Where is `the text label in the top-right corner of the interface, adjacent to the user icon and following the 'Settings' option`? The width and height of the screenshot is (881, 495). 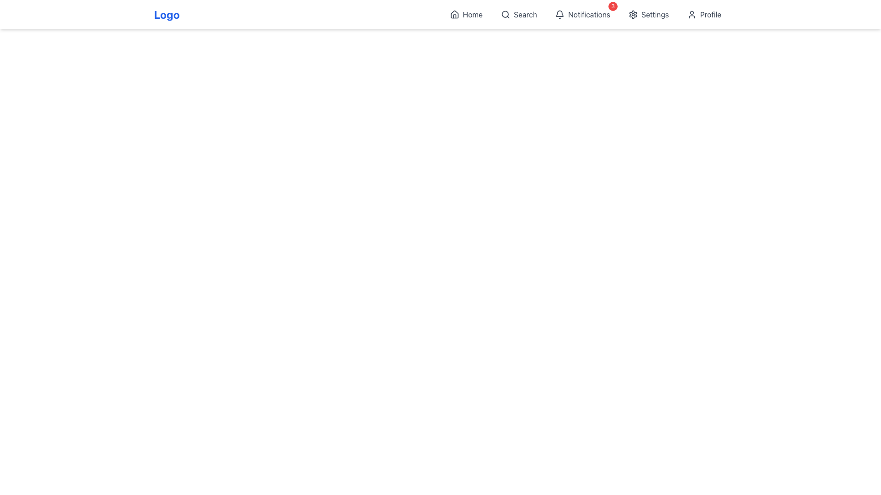
the text label in the top-right corner of the interface, adjacent to the user icon and following the 'Settings' option is located at coordinates (710, 14).